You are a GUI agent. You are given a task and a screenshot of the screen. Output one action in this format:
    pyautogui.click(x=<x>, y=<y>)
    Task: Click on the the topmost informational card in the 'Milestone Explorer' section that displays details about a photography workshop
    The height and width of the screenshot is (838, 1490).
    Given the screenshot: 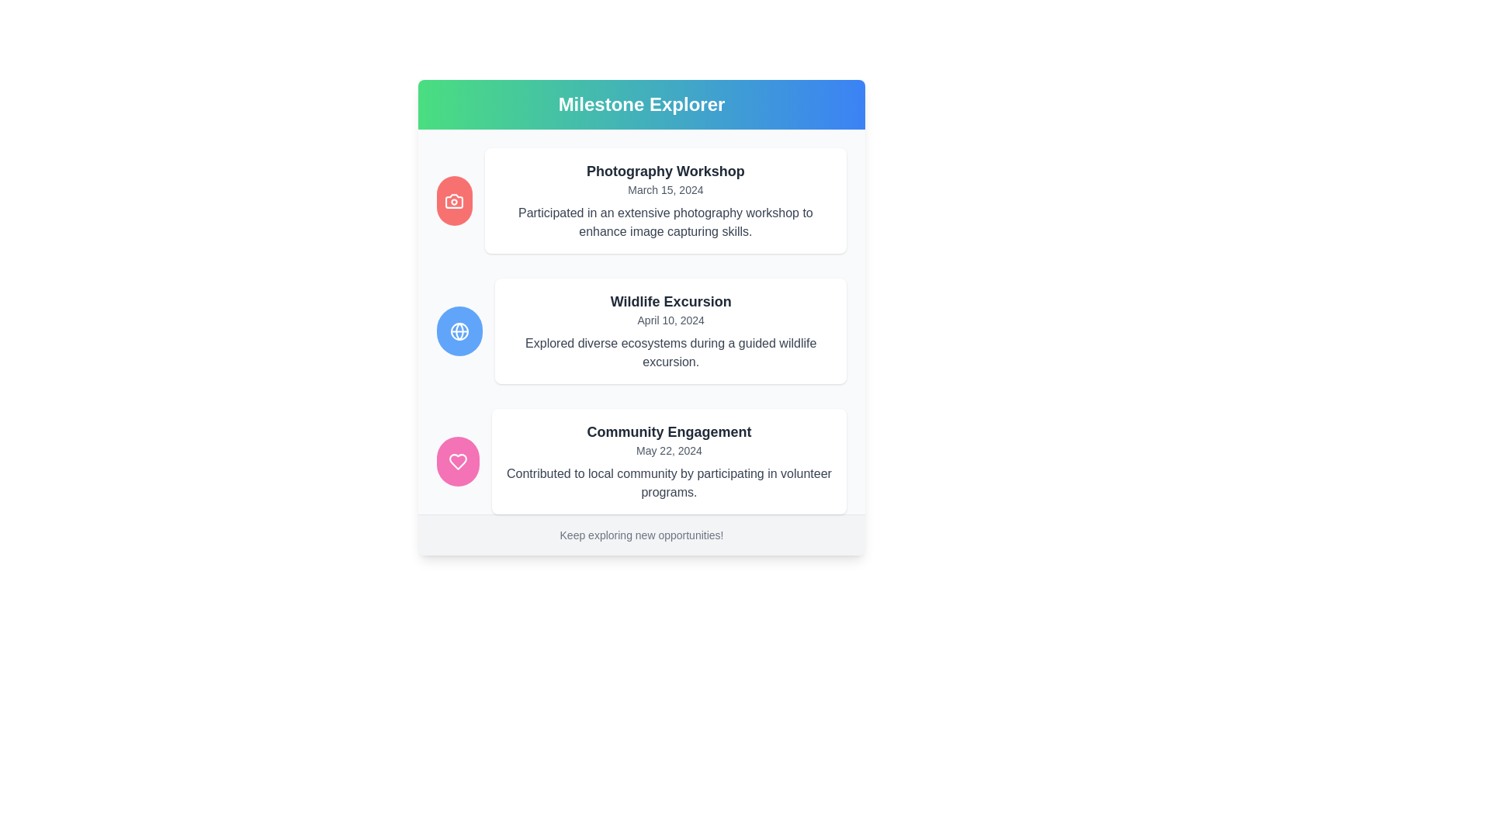 What is the action you would take?
    pyautogui.click(x=665, y=199)
    